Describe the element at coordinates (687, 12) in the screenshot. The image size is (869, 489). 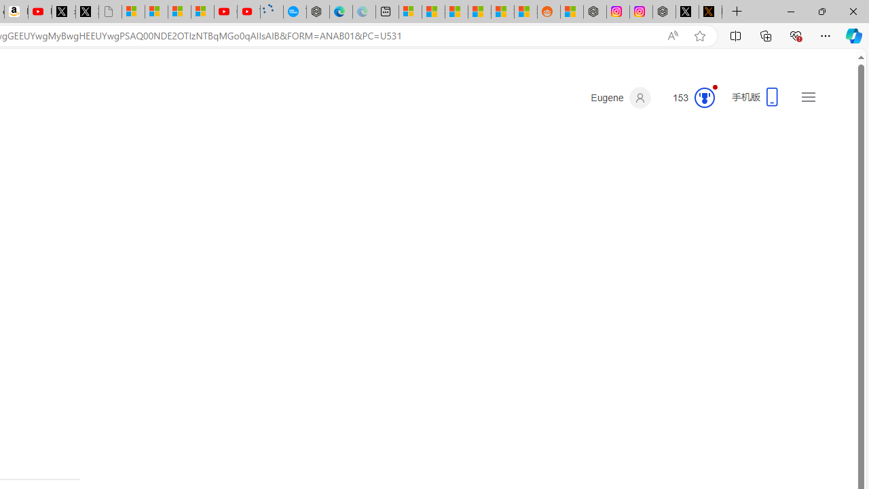
I see `'Nordace (@NordaceOfficial) / X'` at that location.